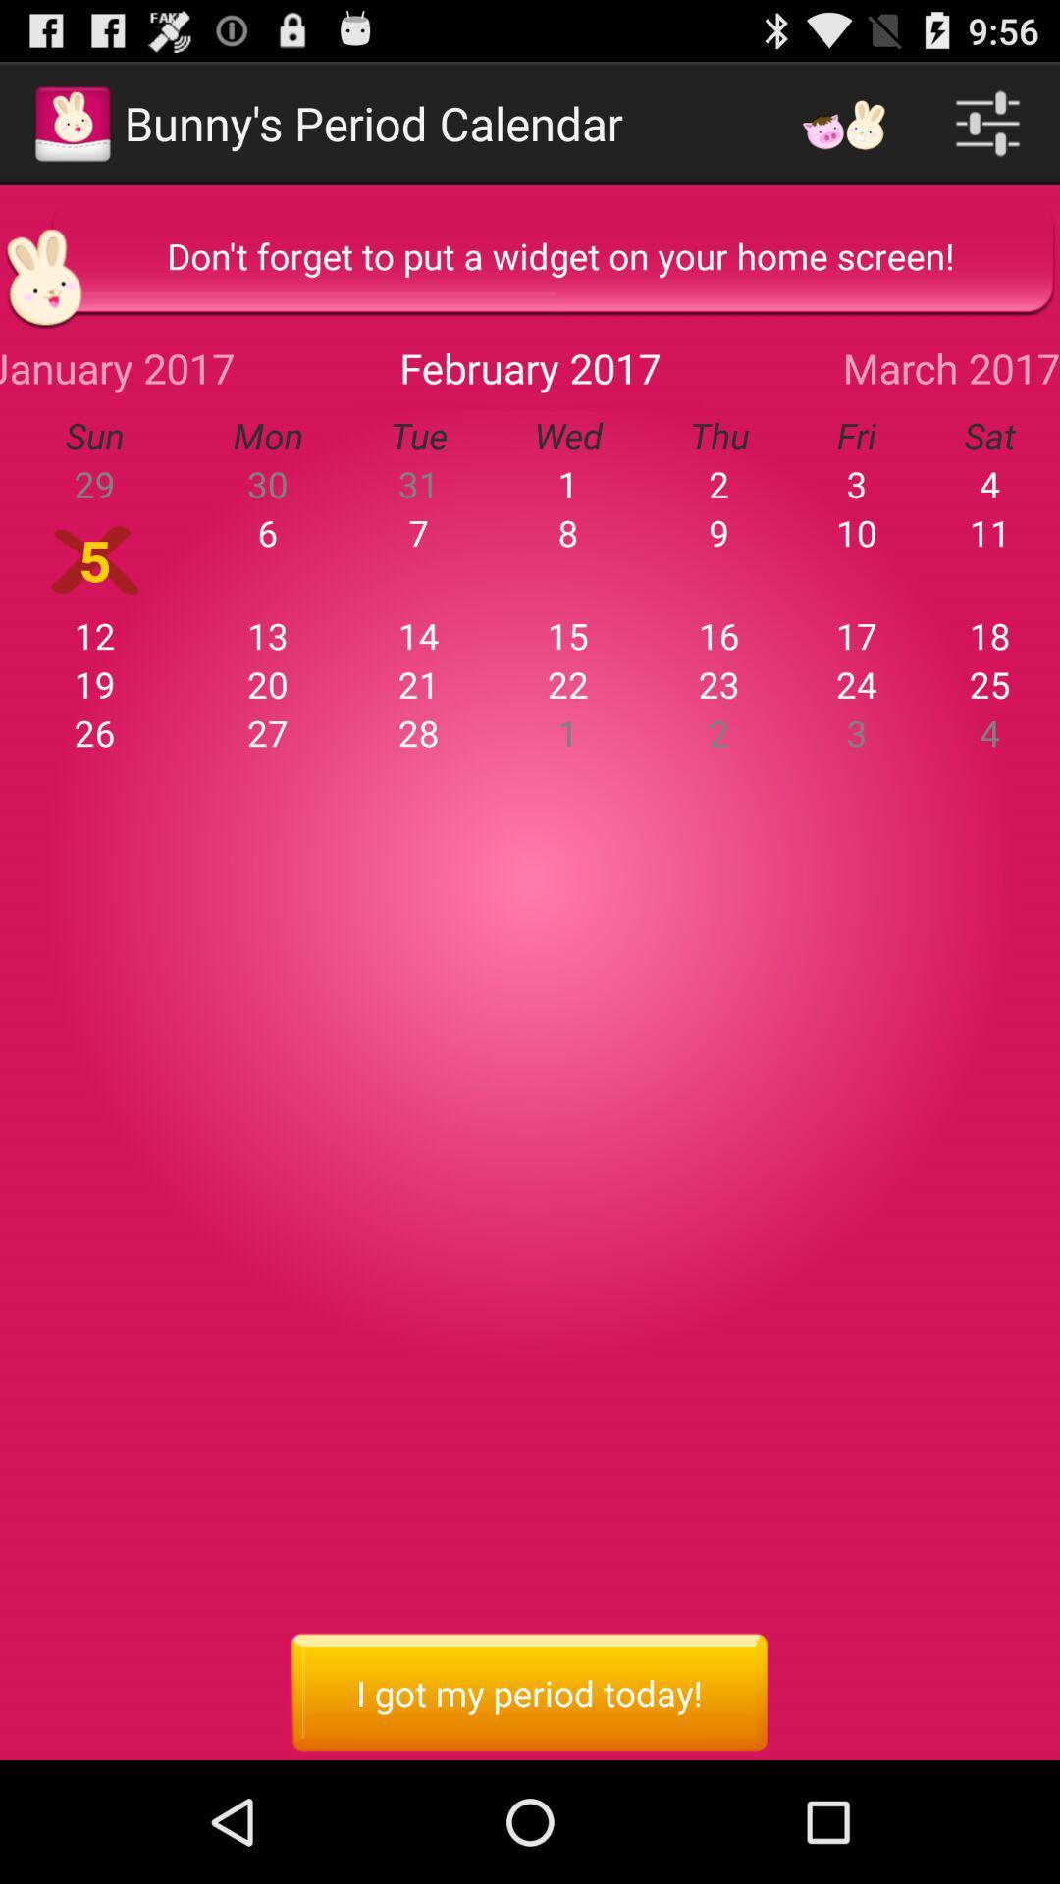  What do you see at coordinates (268, 732) in the screenshot?
I see `the 27` at bounding box center [268, 732].